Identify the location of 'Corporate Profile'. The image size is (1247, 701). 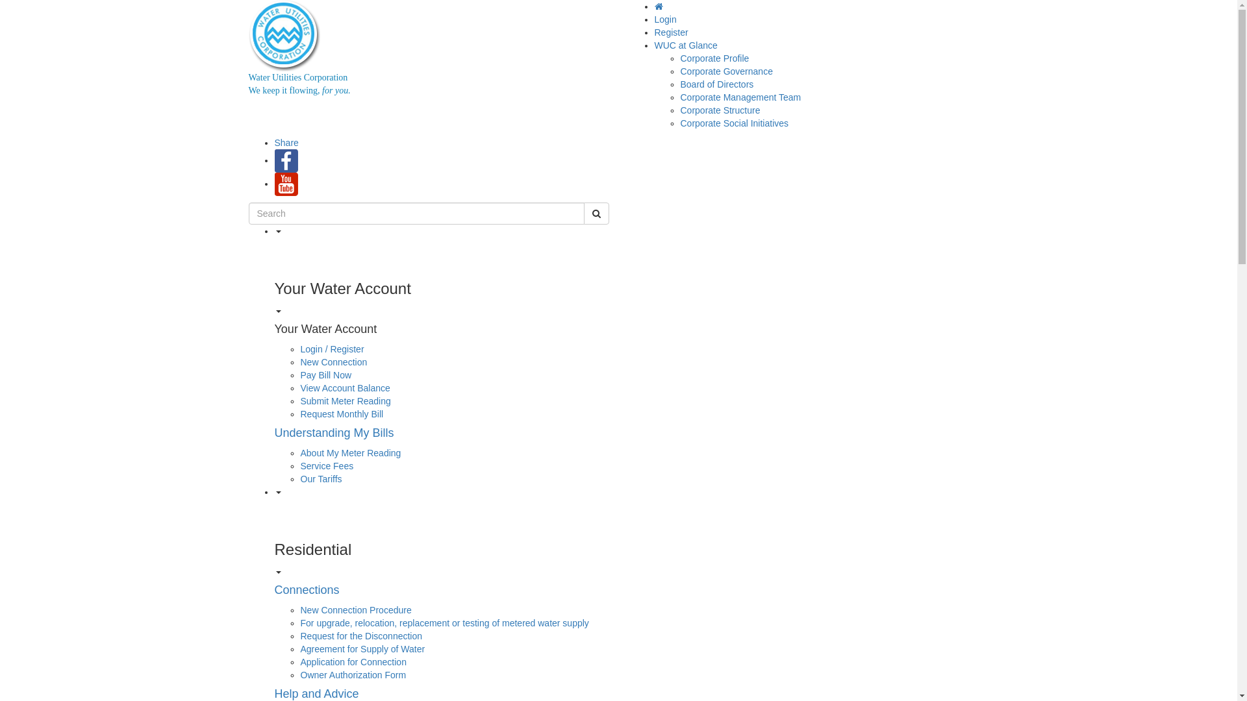
(679, 57).